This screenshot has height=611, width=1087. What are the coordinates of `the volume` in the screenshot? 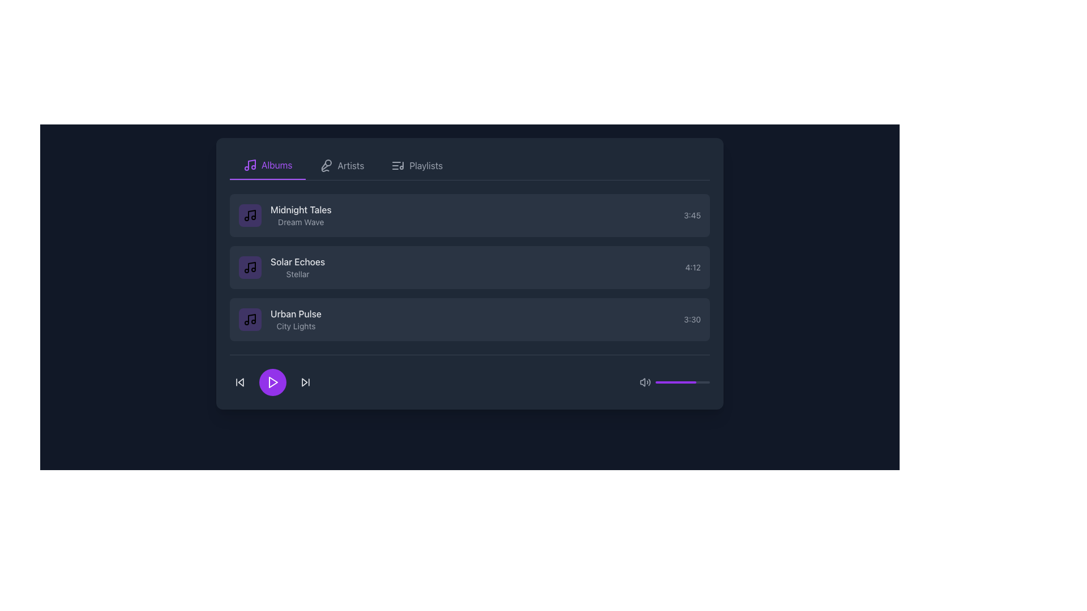 It's located at (691, 382).